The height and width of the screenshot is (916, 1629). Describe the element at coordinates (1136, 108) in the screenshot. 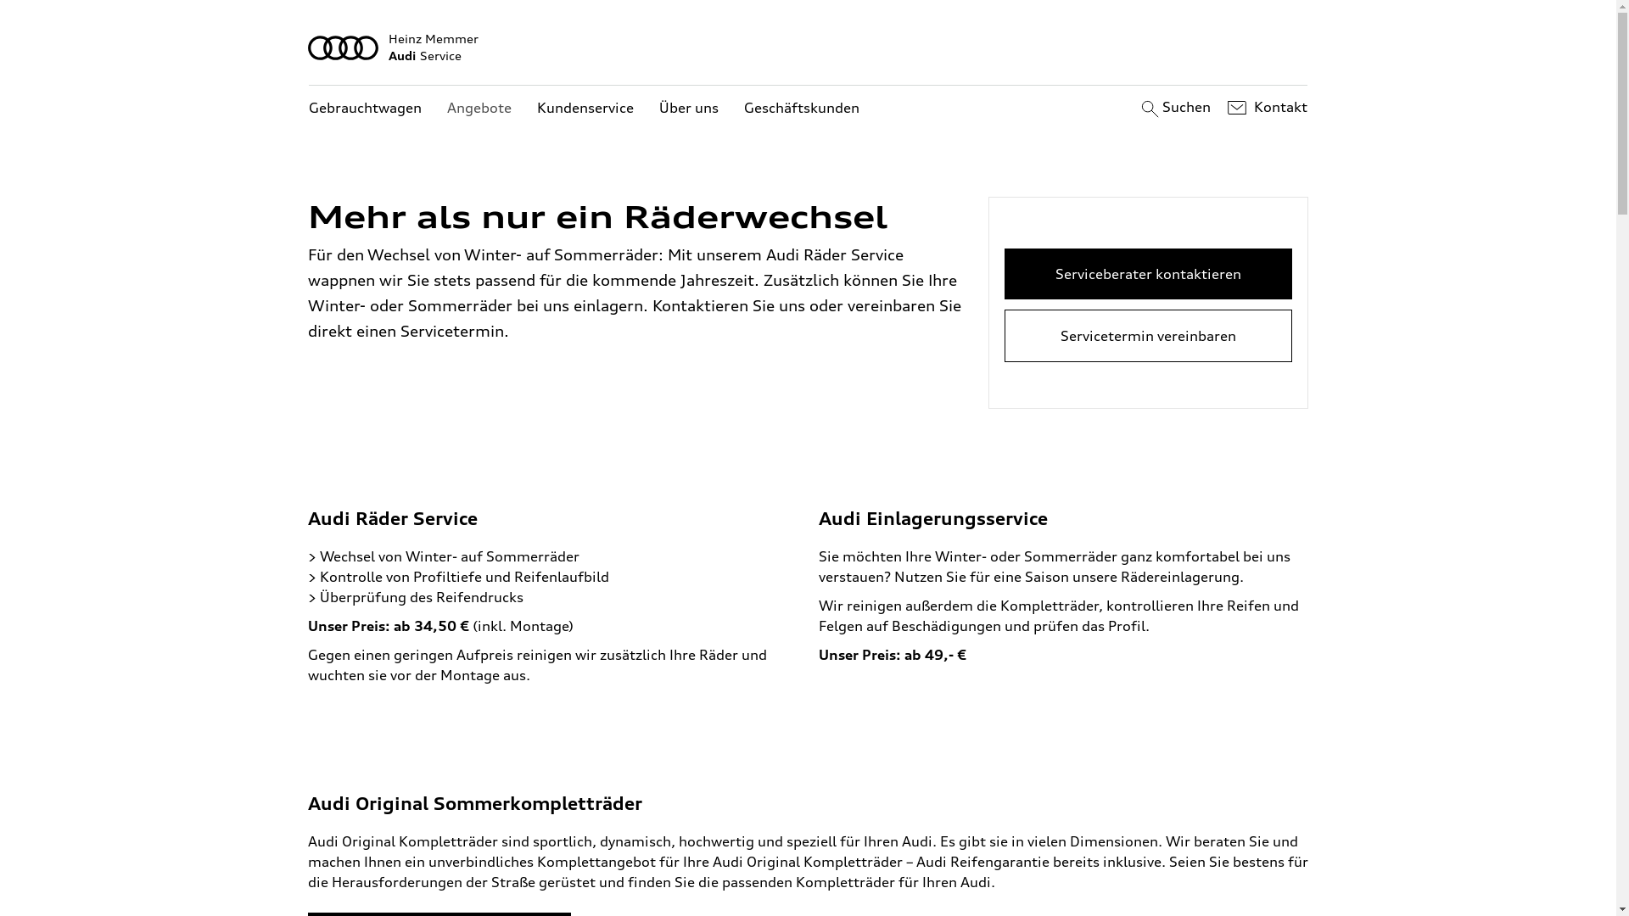

I see `'Suchen'` at that location.